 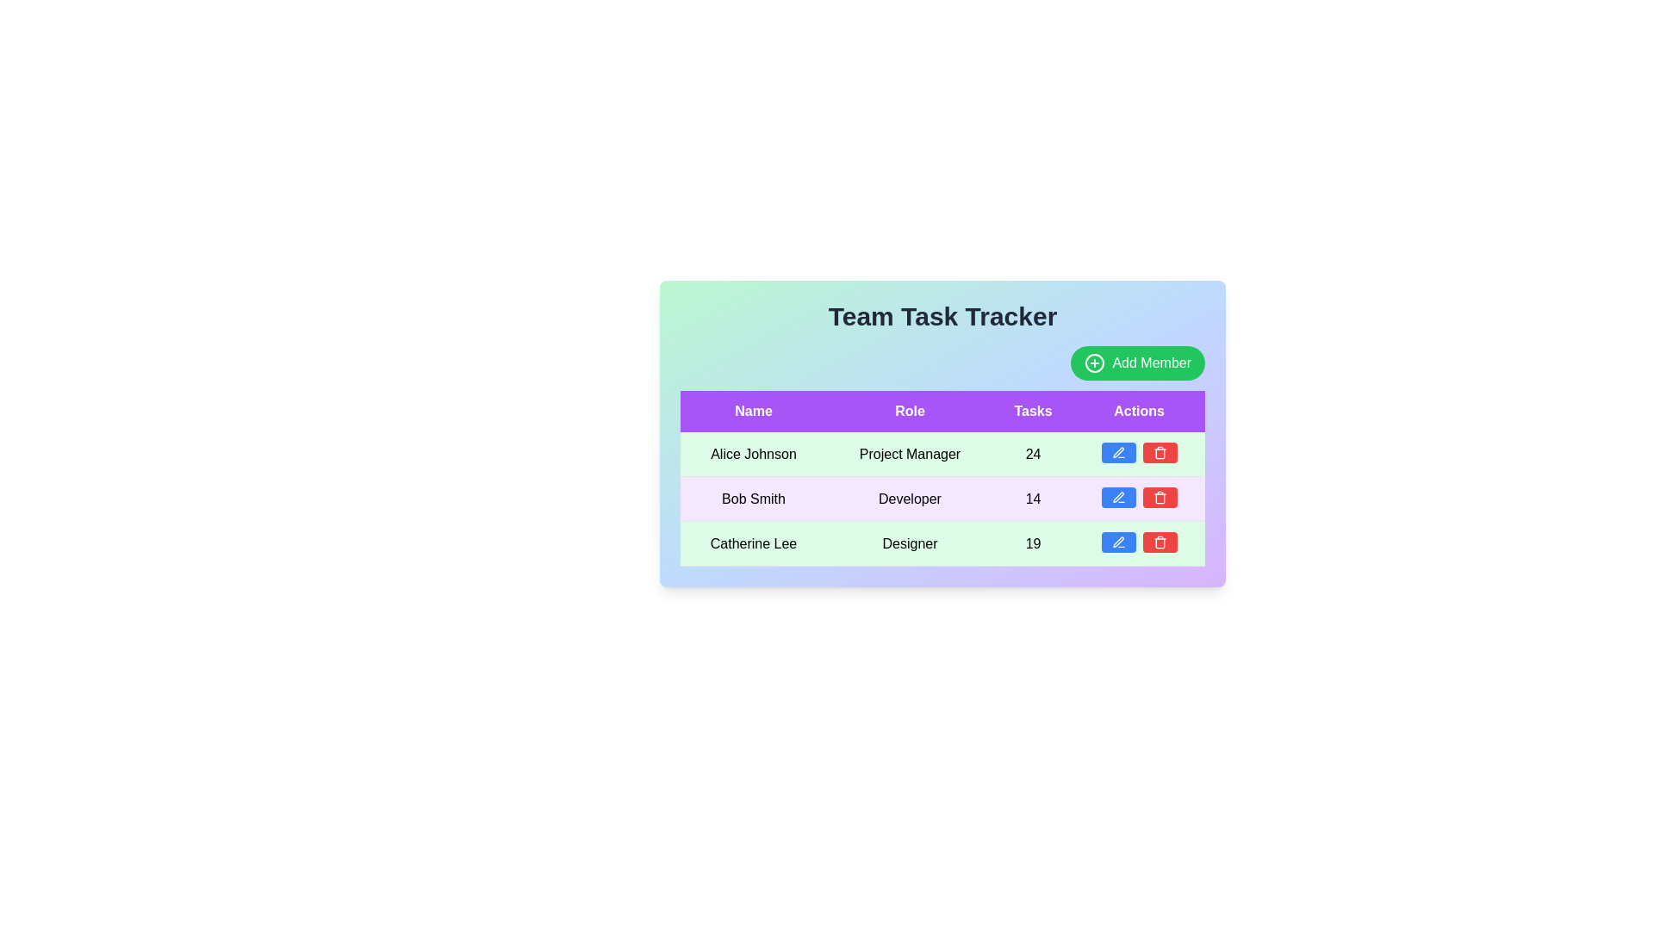 I want to click on the edit button for the team member identified by Alice Johnson, so click(x=1118, y=451).